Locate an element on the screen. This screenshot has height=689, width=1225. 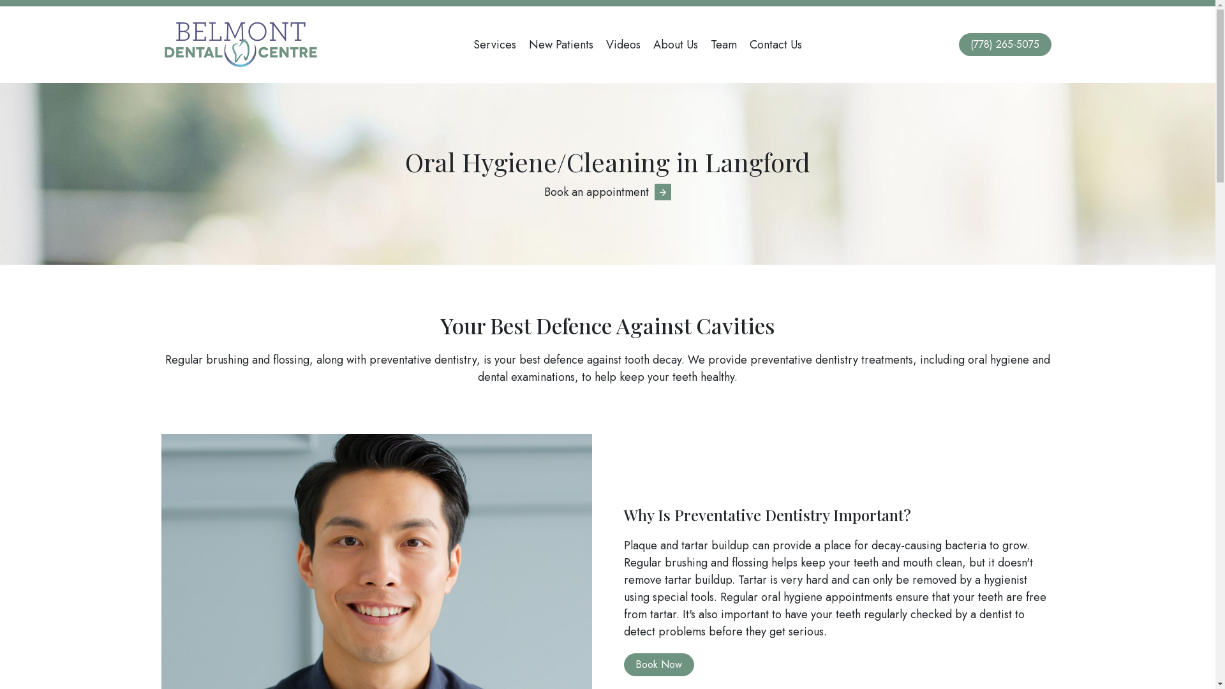
'Book an appointment' is located at coordinates (607, 191).